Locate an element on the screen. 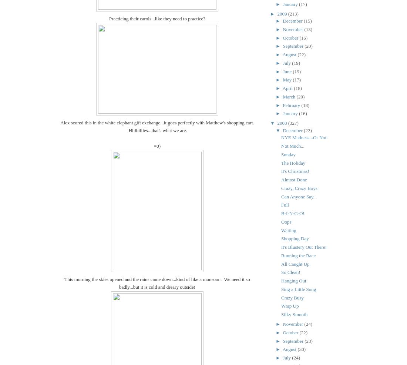 The image size is (407, 365). '(327)' is located at coordinates (293, 123).